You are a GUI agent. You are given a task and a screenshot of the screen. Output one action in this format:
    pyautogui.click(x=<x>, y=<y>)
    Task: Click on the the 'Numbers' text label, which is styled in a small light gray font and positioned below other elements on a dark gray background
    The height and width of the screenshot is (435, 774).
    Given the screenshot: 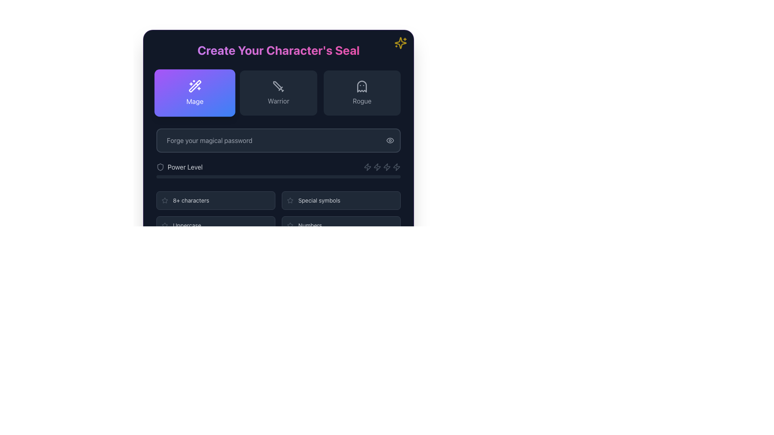 What is the action you would take?
    pyautogui.click(x=310, y=225)
    